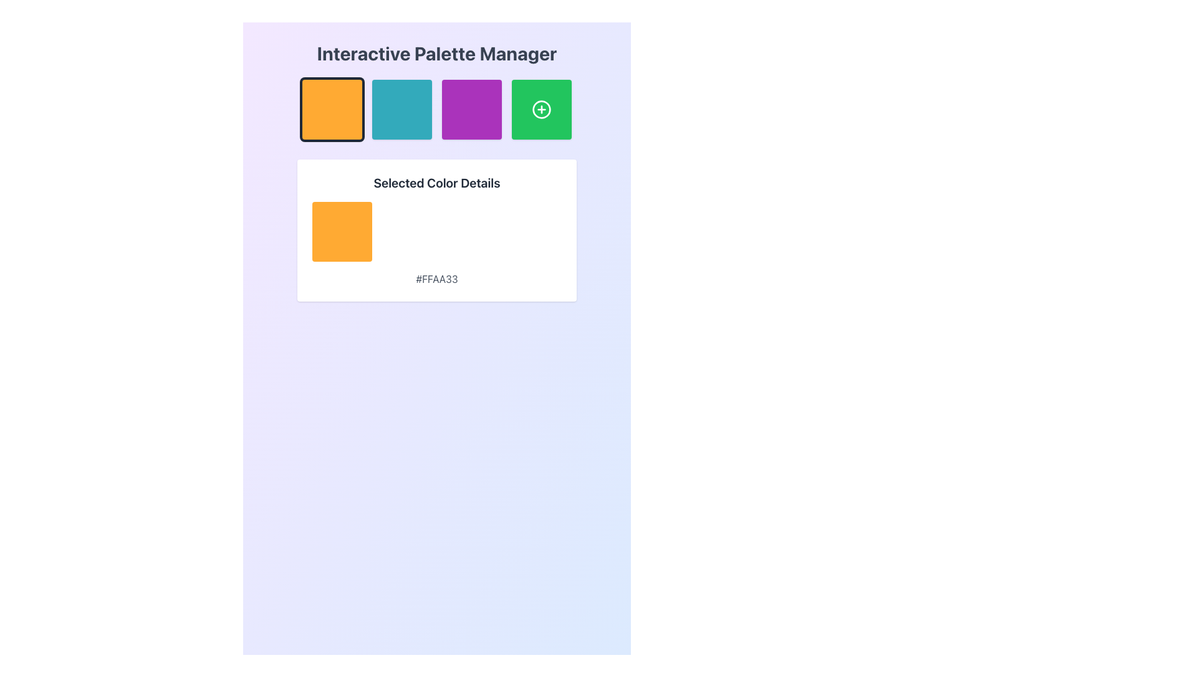 The width and height of the screenshot is (1197, 673). Describe the element at coordinates (541, 109) in the screenshot. I see `the central circular shape in the rightmost green square located at the top row of the layout` at that location.